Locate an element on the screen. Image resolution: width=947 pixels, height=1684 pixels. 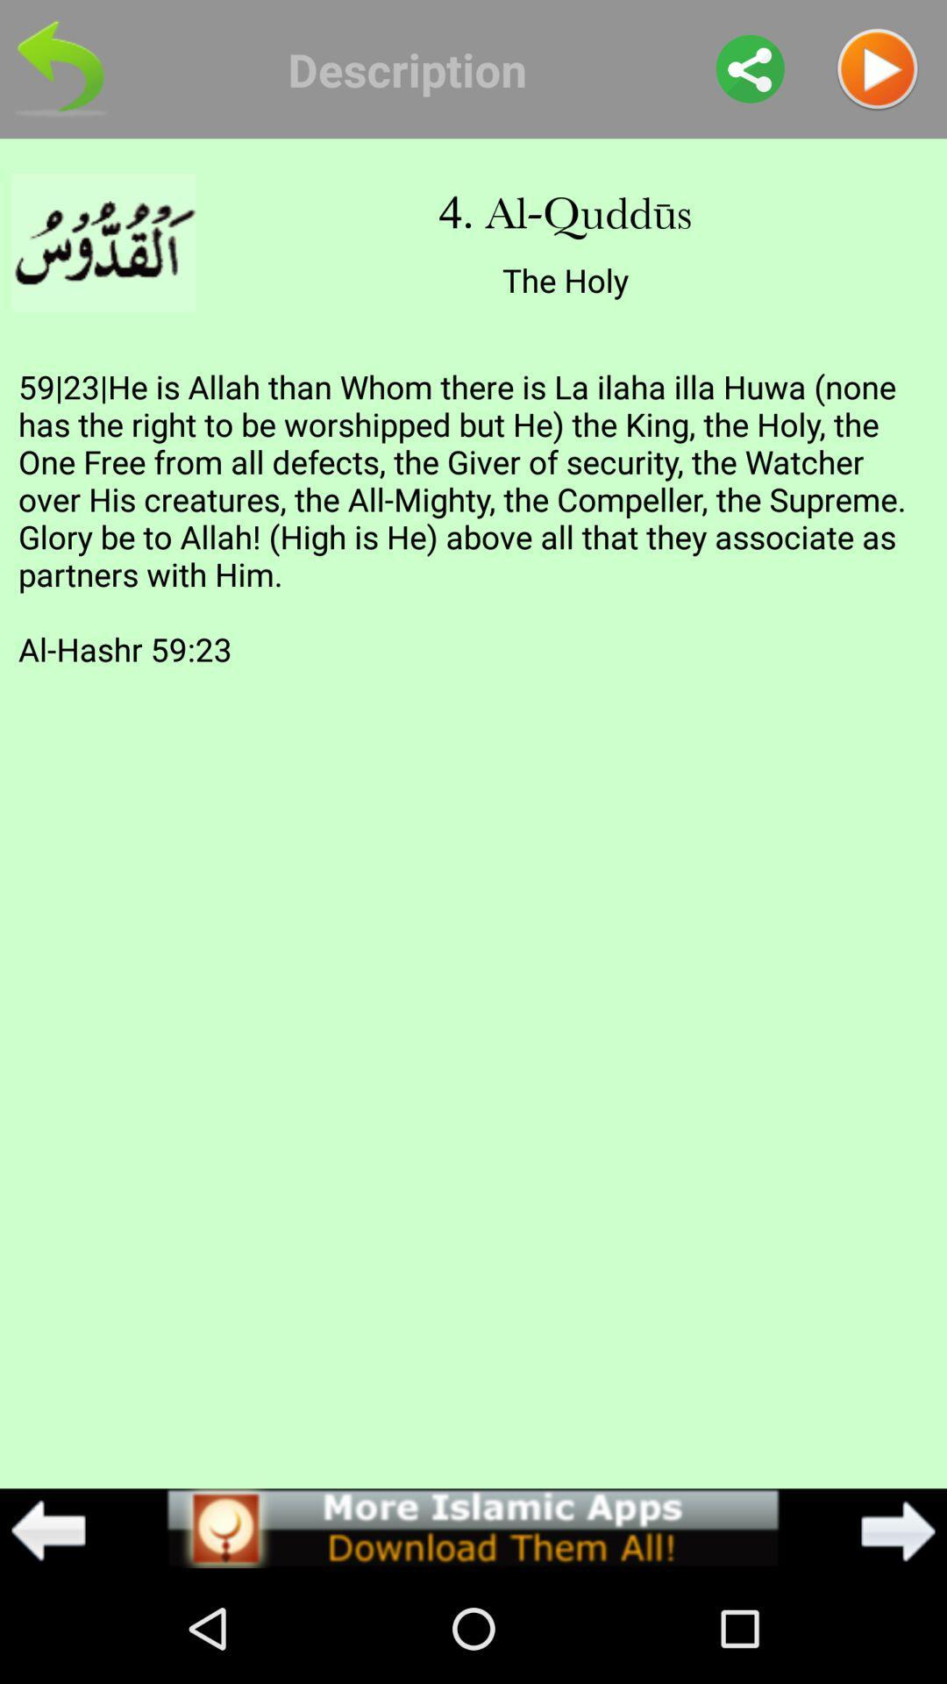
the play icon is located at coordinates (877, 73).